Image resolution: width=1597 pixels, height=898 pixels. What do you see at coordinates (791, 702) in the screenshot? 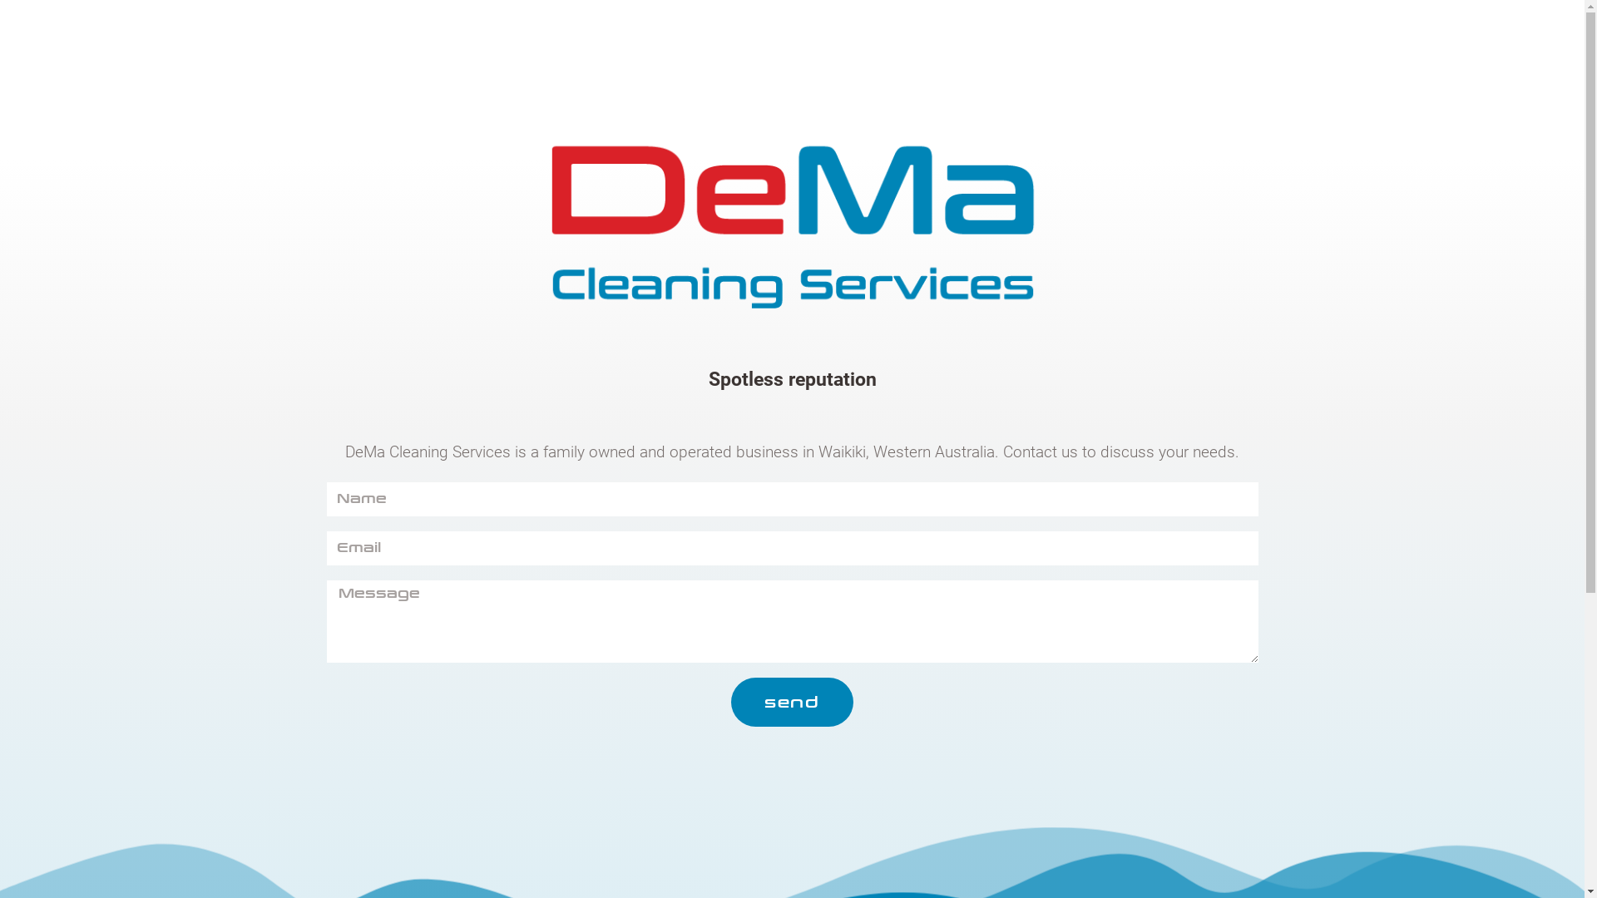
I see `'send'` at bounding box center [791, 702].